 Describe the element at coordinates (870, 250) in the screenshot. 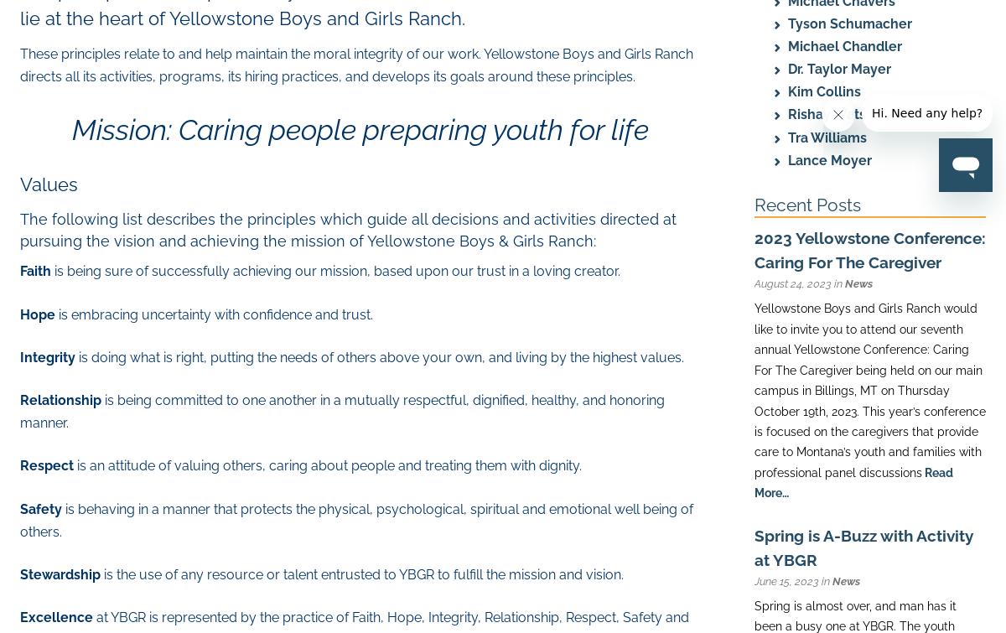

I see `'2023 Yellowstone Conference: Caring For The Caregiver'` at that location.